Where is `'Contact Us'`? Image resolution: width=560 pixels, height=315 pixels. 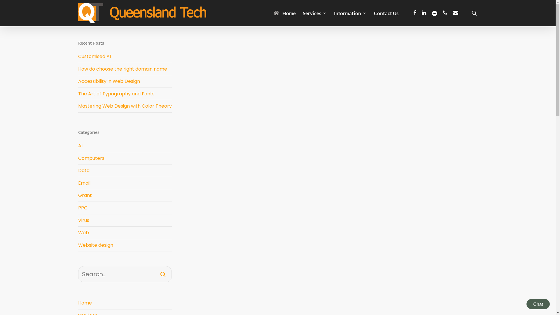 'Contact Us' is located at coordinates (386, 13).